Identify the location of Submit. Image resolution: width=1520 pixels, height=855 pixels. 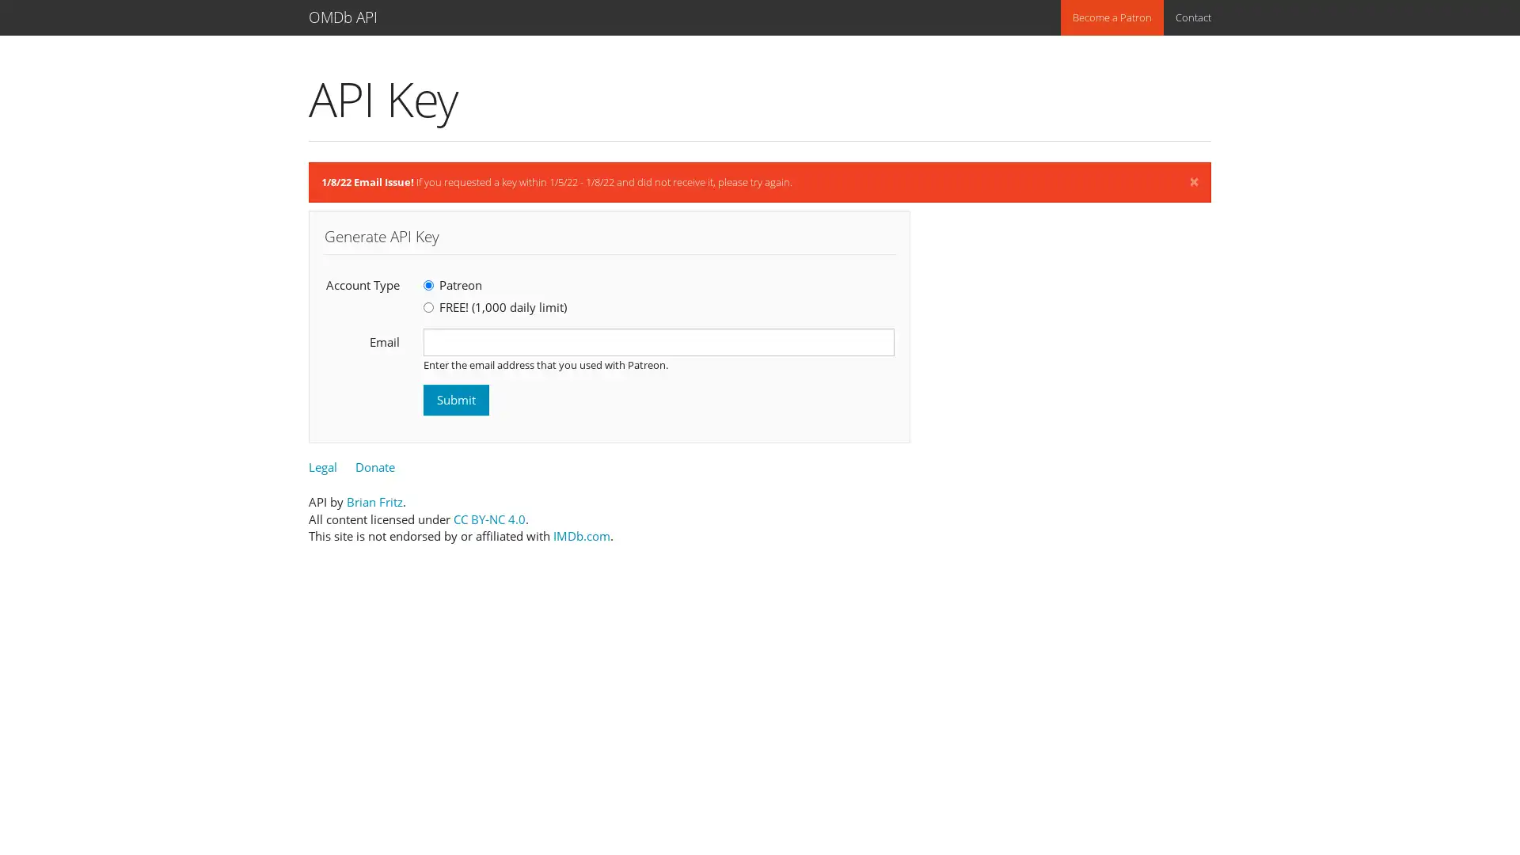
(455, 399).